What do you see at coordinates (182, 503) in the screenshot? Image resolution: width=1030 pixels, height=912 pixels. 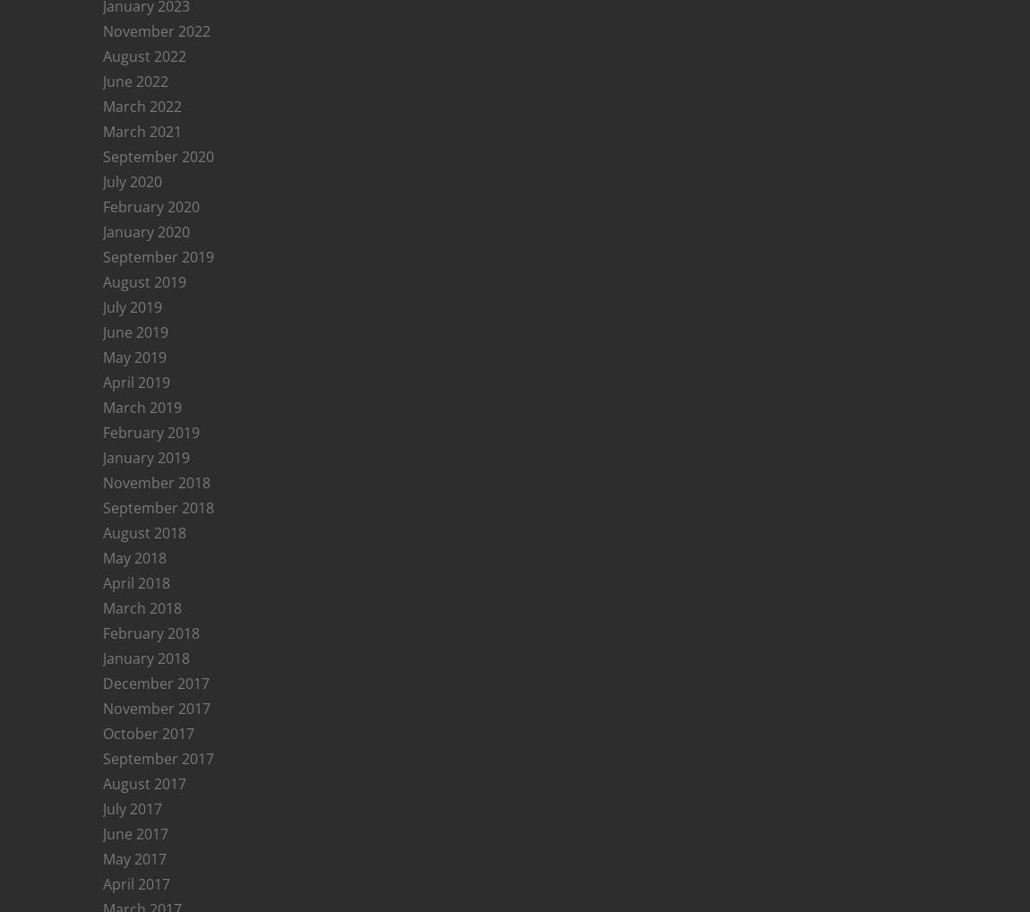 I see `'winneyb'` at bounding box center [182, 503].